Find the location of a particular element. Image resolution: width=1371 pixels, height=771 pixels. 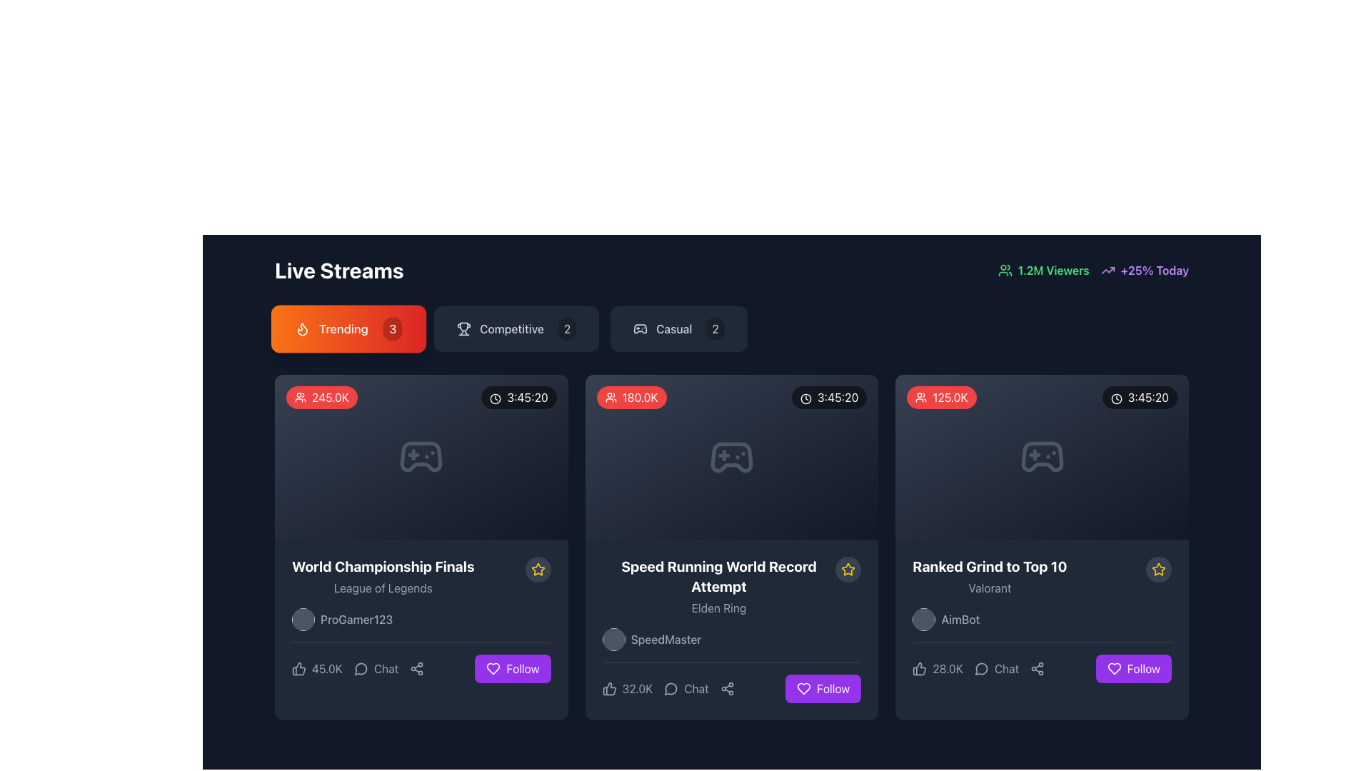

the heart-shaped icon with a purple outline inside the 'Follow' button at the bottom right corner of the 'Speed Running World Record Attempt' card is located at coordinates (803, 687).